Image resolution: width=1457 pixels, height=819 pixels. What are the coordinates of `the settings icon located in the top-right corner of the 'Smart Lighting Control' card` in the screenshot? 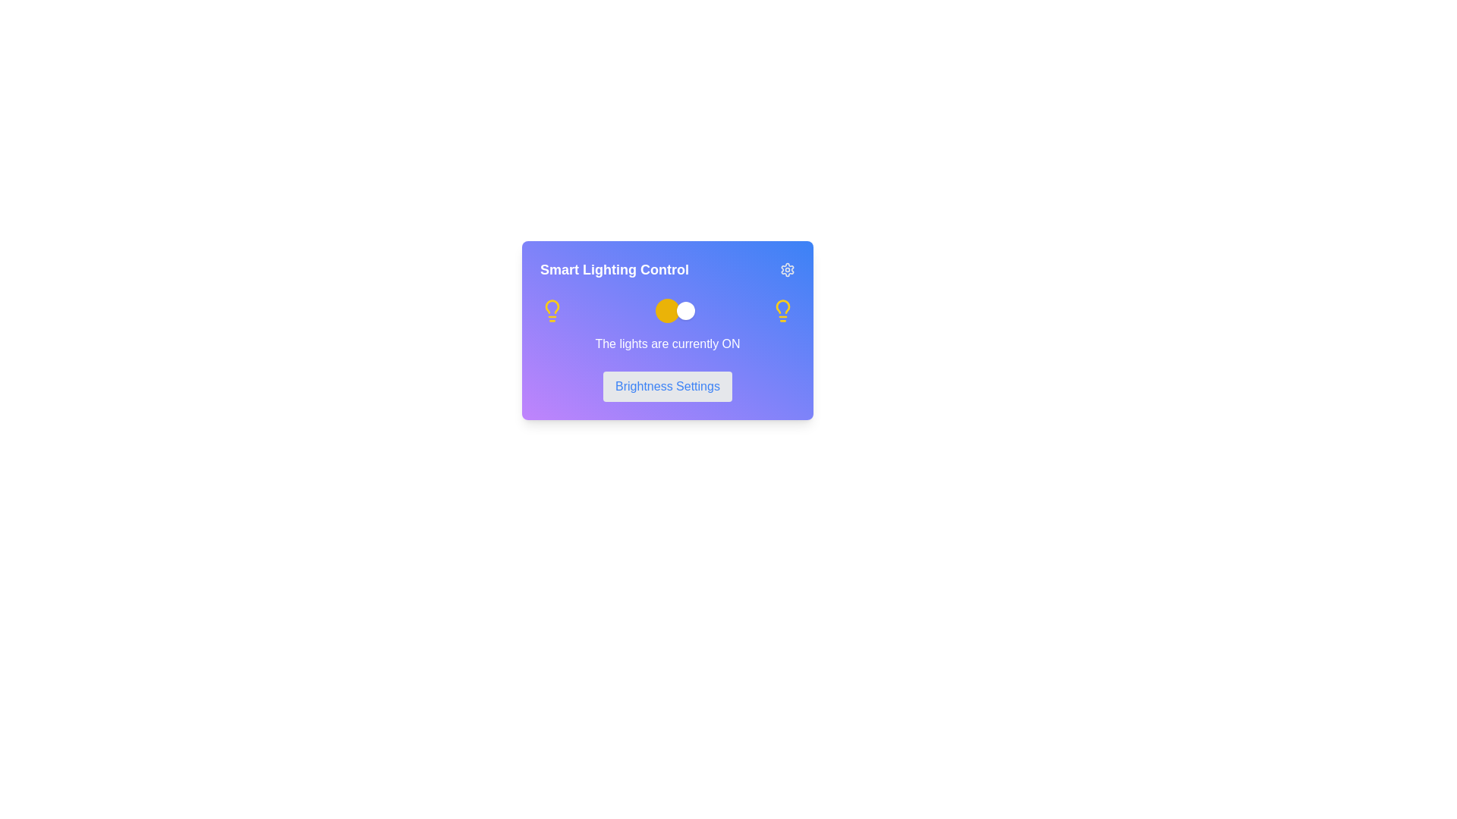 It's located at (787, 268).